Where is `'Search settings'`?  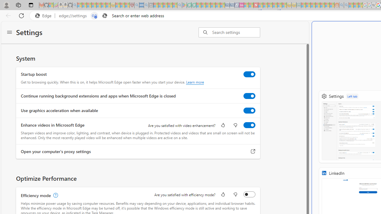
'Search settings' is located at coordinates (235, 32).